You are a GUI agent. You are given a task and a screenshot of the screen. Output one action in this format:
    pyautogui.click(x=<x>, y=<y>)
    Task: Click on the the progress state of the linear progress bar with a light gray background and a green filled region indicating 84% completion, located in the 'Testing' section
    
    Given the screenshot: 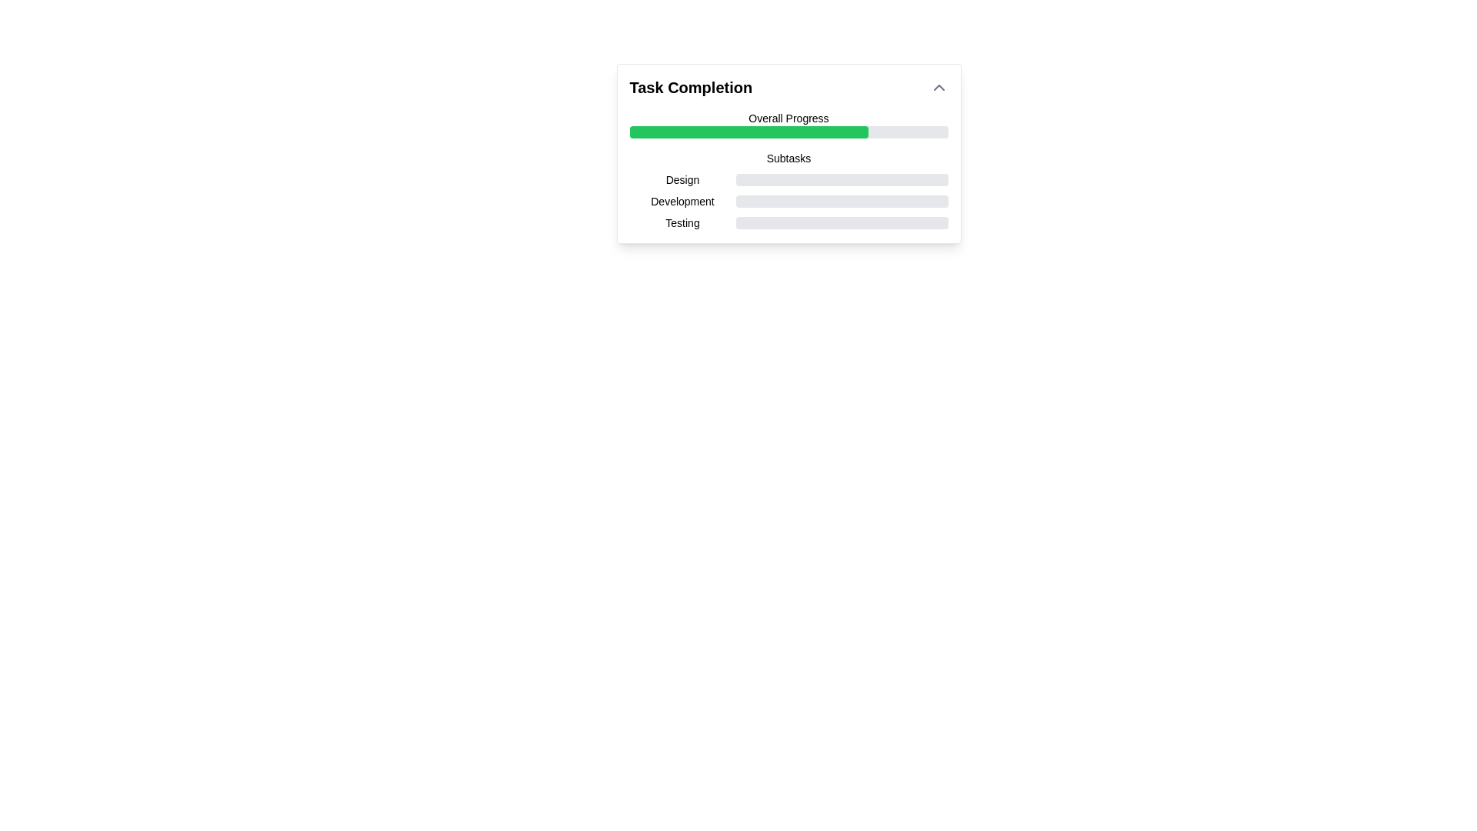 What is the action you would take?
    pyautogui.click(x=841, y=222)
    